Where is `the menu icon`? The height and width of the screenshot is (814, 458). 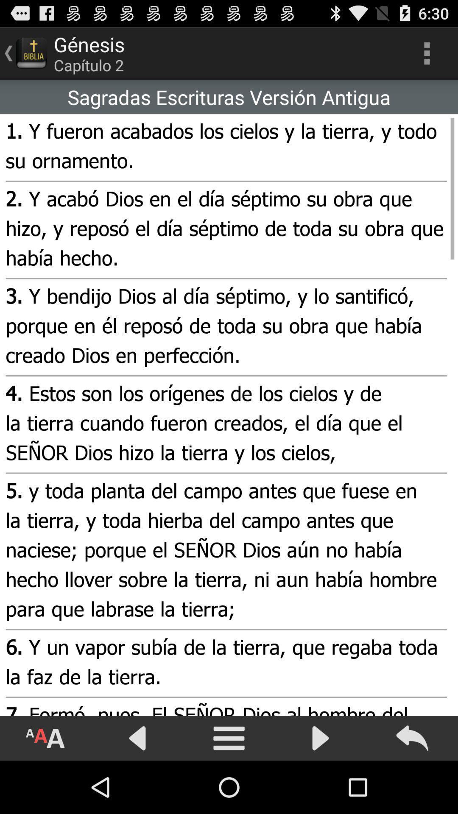 the menu icon is located at coordinates (229, 789).